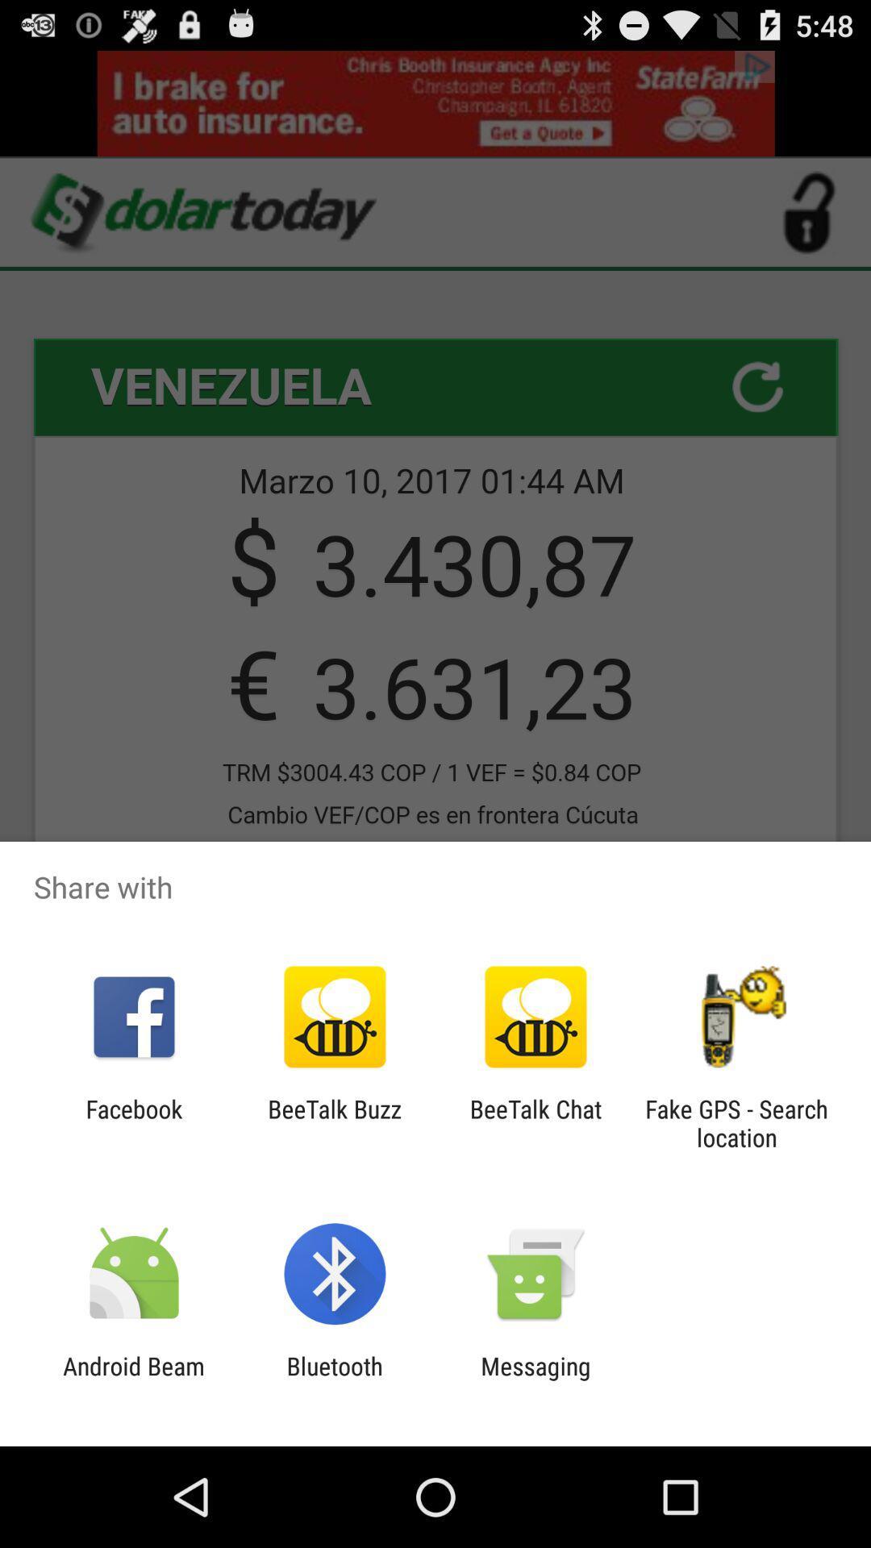 Image resolution: width=871 pixels, height=1548 pixels. I want to click on item to the right of the android beam item, so click(334, 1379).